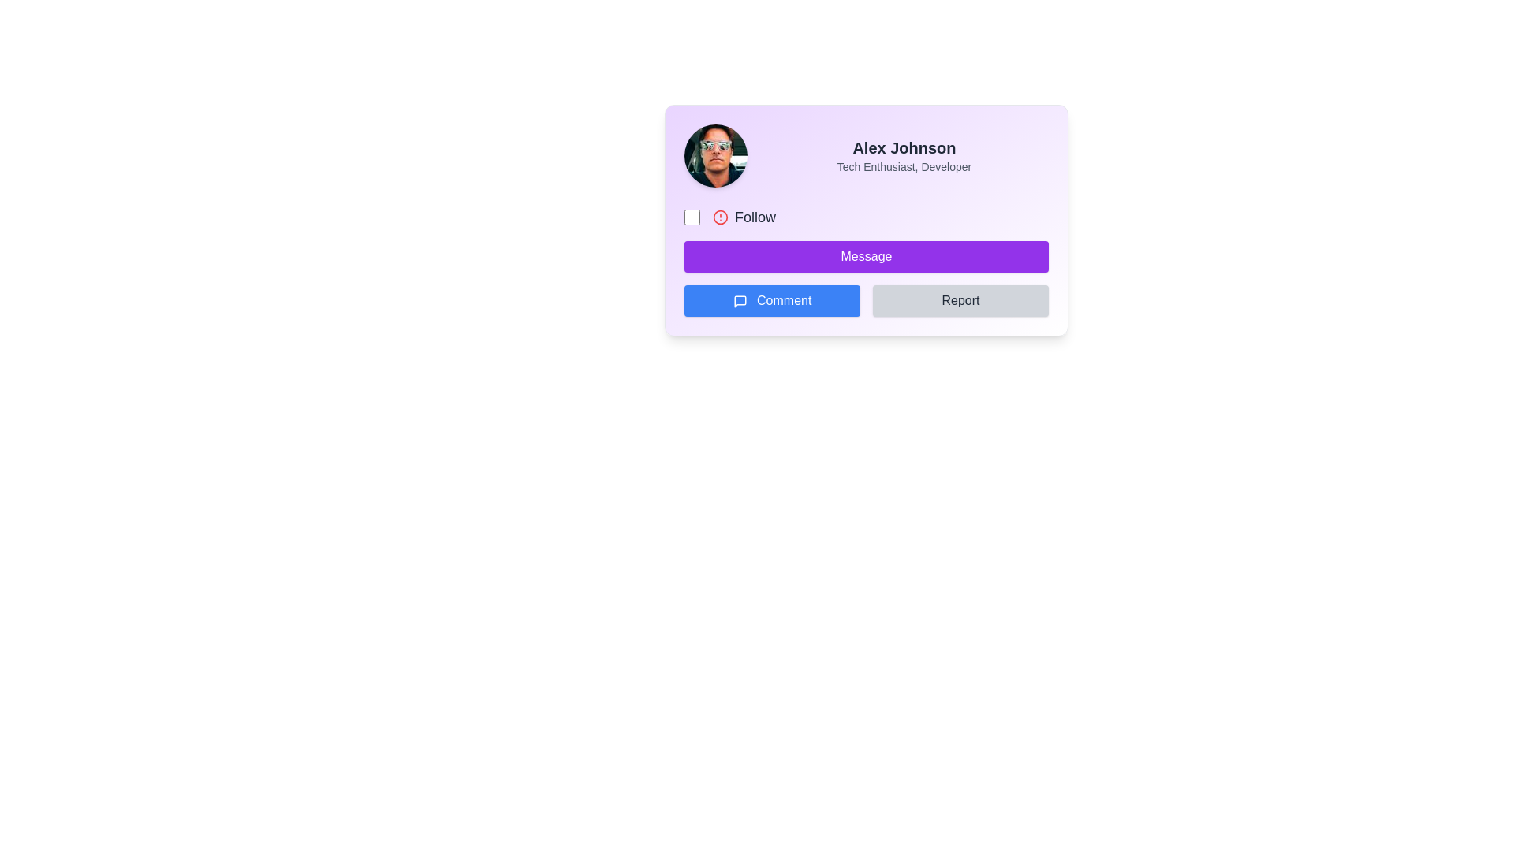  What do you see at coordinates (755, 217) in the screenshot?
I see `text of the 'Follow' label, which is displayed in a bold gray font and positioned to the right of a circular red icon in a user profile card` at bounding box center [755, 217].